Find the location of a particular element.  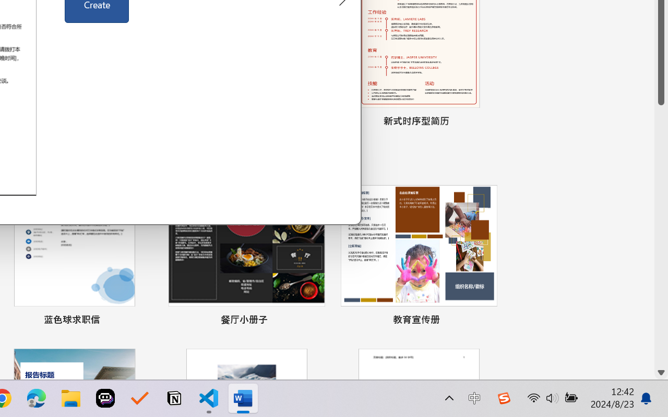

'Line down' is located at coordinates (661, 372).